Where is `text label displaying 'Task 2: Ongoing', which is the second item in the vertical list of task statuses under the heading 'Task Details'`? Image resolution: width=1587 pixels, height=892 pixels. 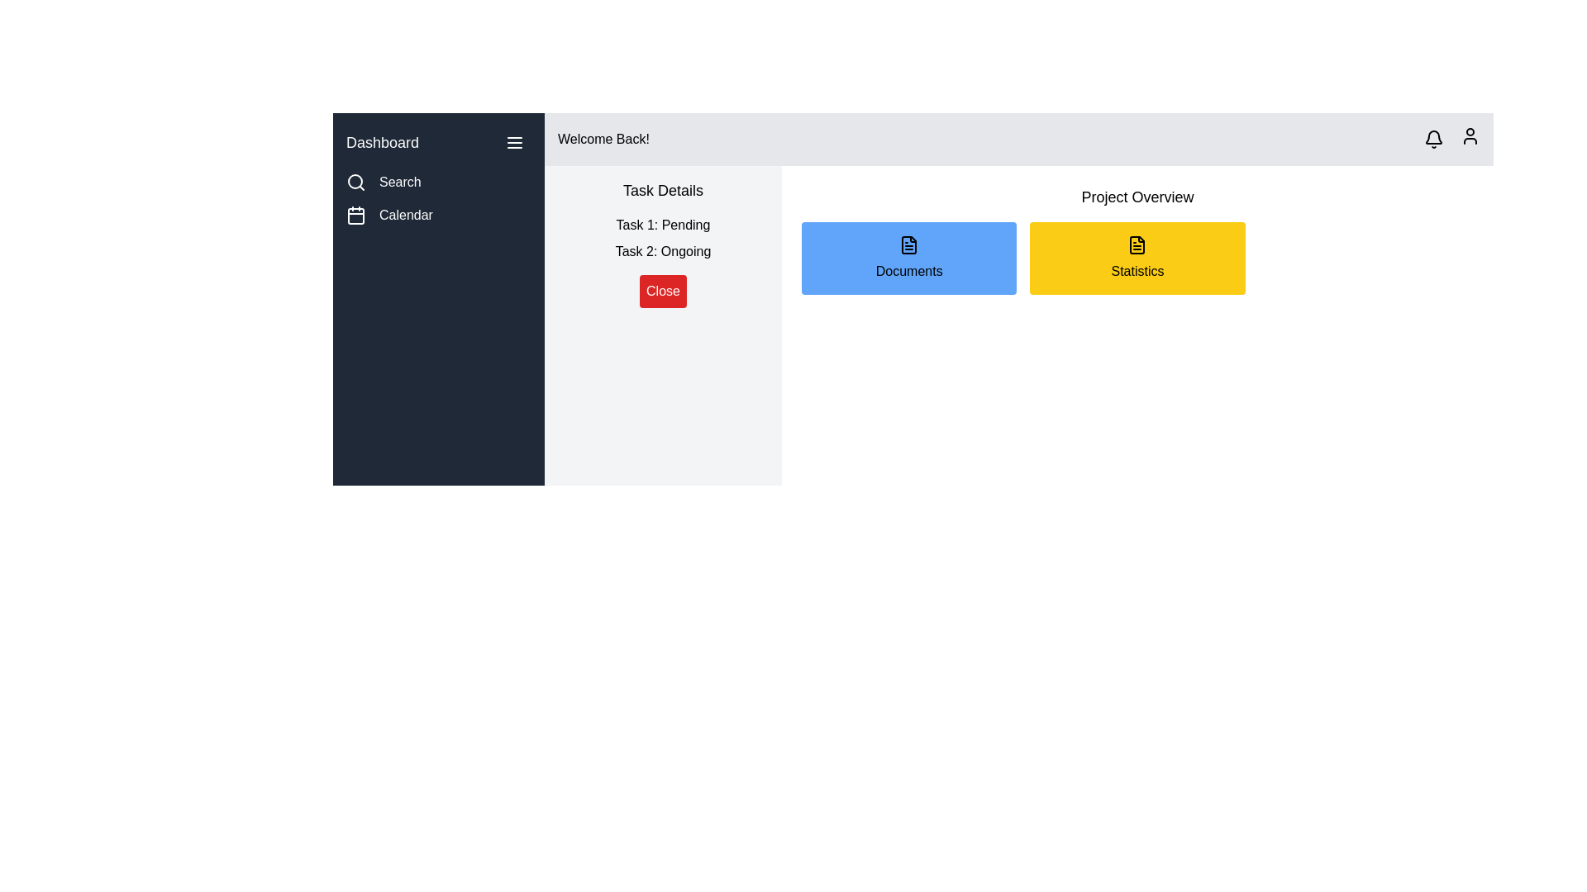
text label displaying 'Task 2: Ongoing', which is the second item in the vertical list of task statuses under the heading 'Task Details' is located at coordinates (663, 251).